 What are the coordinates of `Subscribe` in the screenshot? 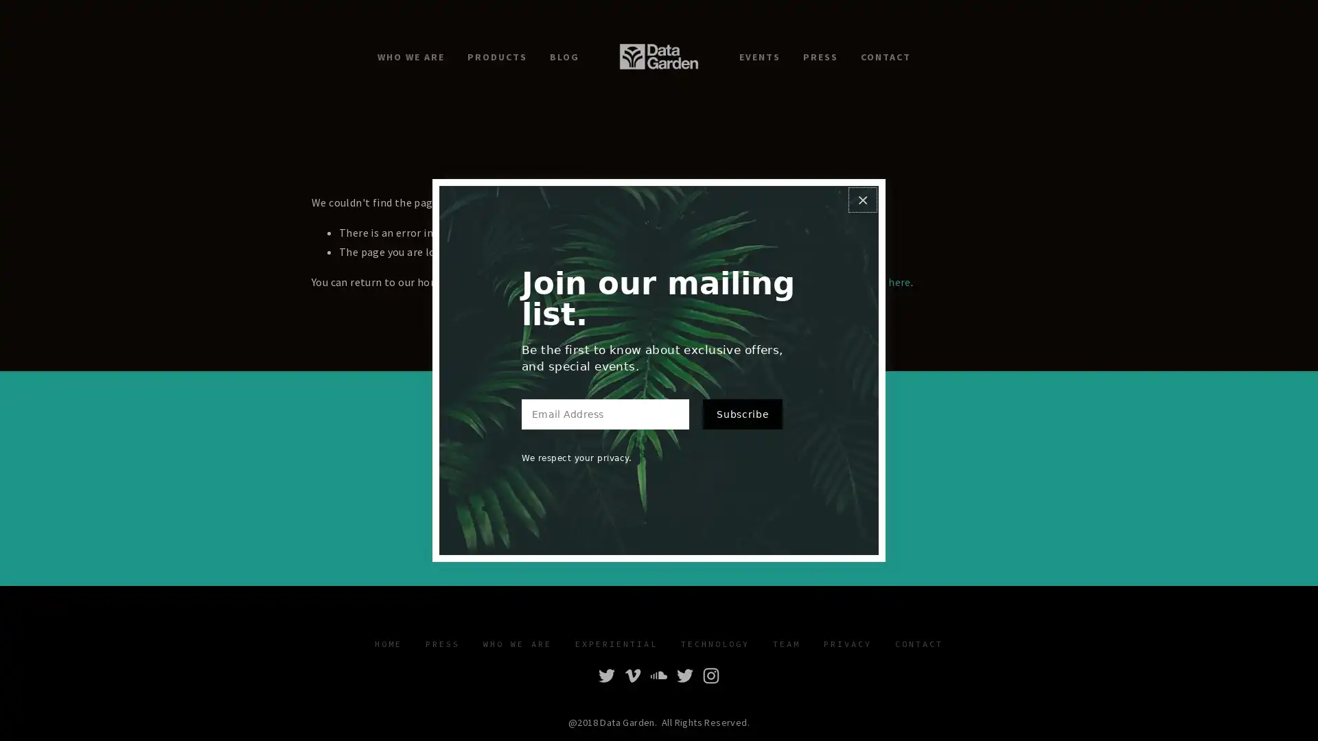 It's located at (741, 423).